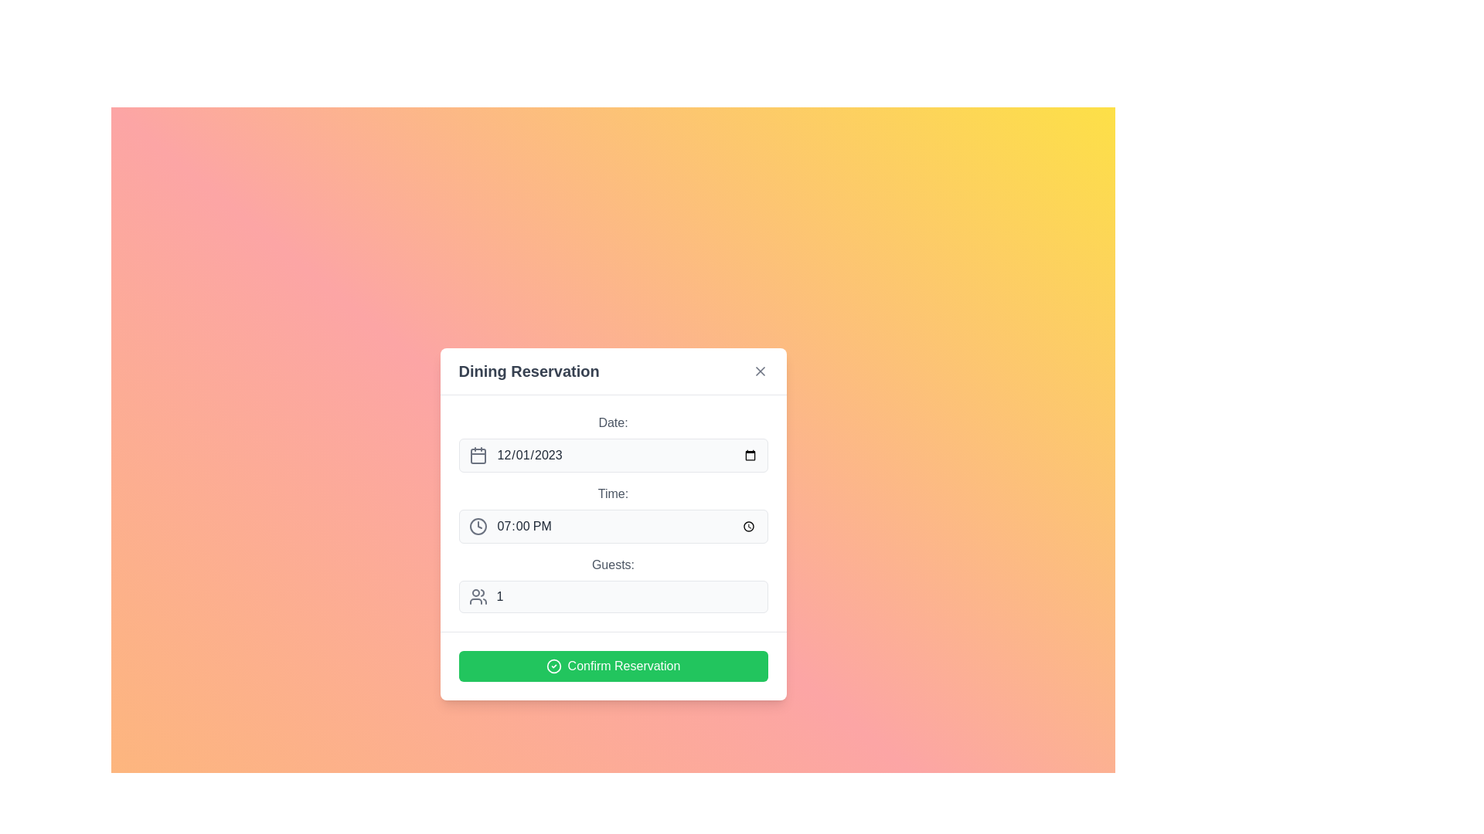 This screenshot has height=834, width=1484. I want to click on the time input field labeled 'Time:' in the 'Dining Reservation' panel to open a time picker, so click(612, 514).